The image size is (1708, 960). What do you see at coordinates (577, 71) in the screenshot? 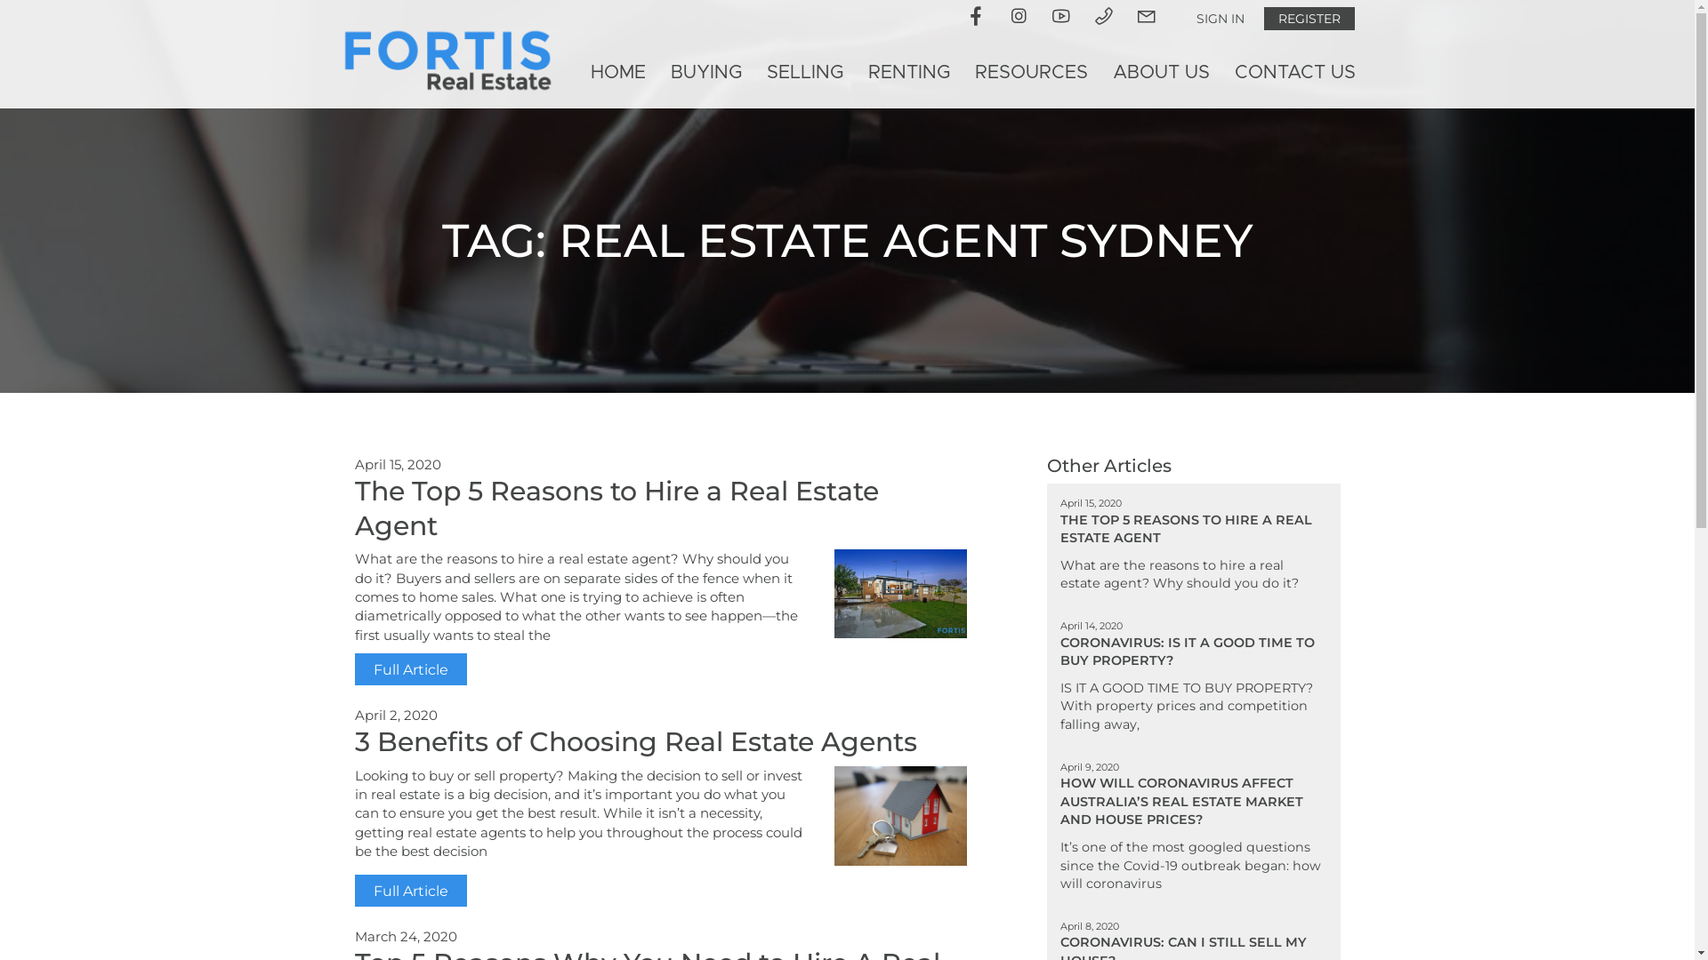
I see `'HOME'` at bounding box center [577, 71].